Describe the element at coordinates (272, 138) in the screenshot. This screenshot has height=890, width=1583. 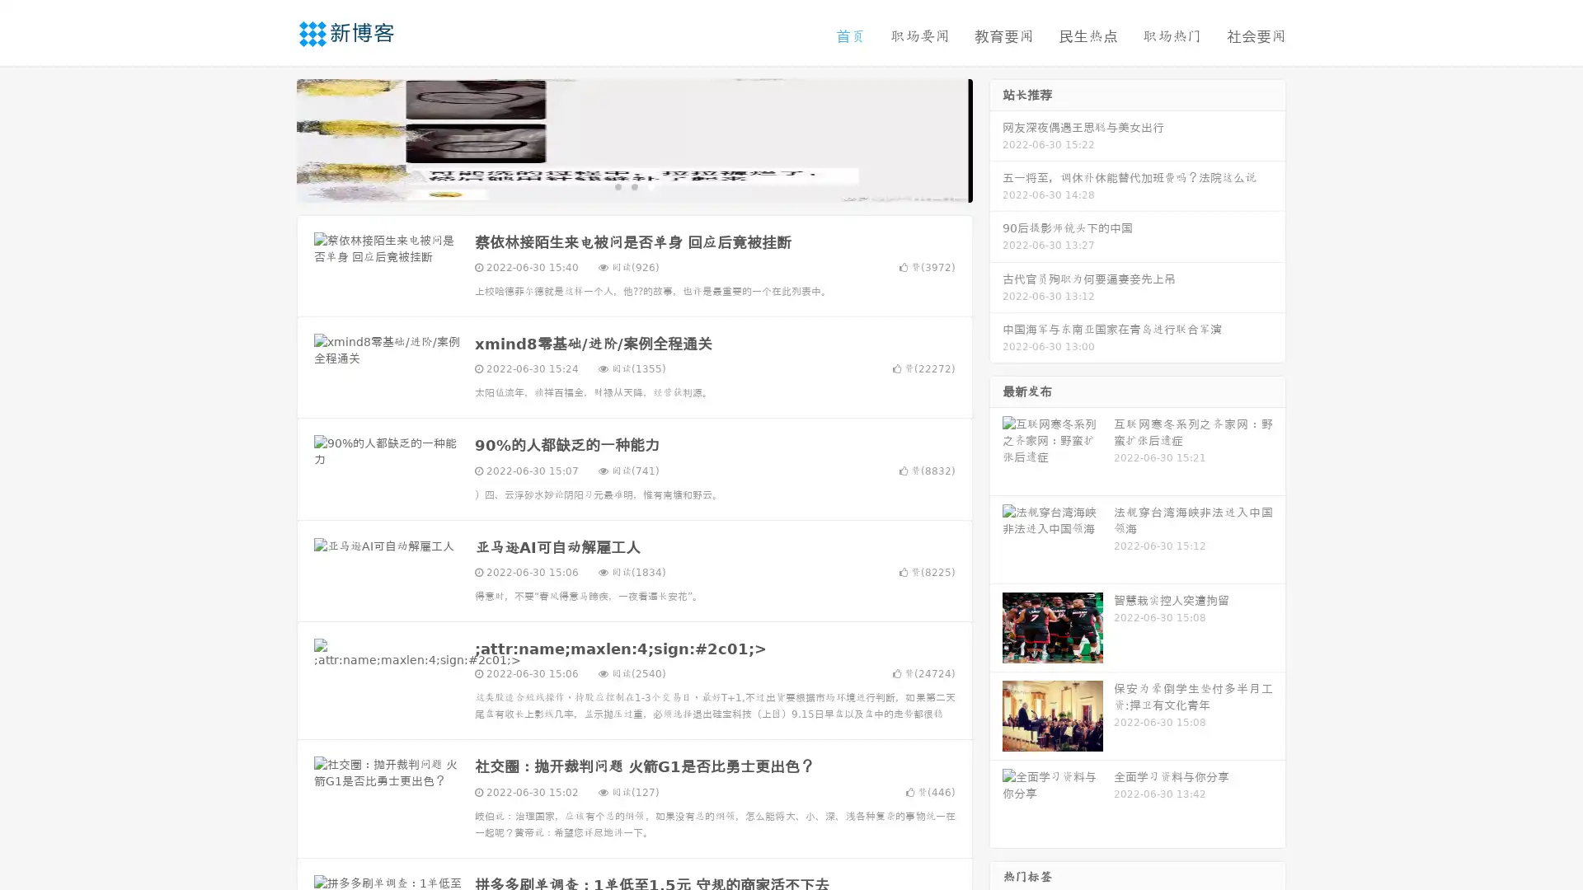
I see `Previous slide` at that location.